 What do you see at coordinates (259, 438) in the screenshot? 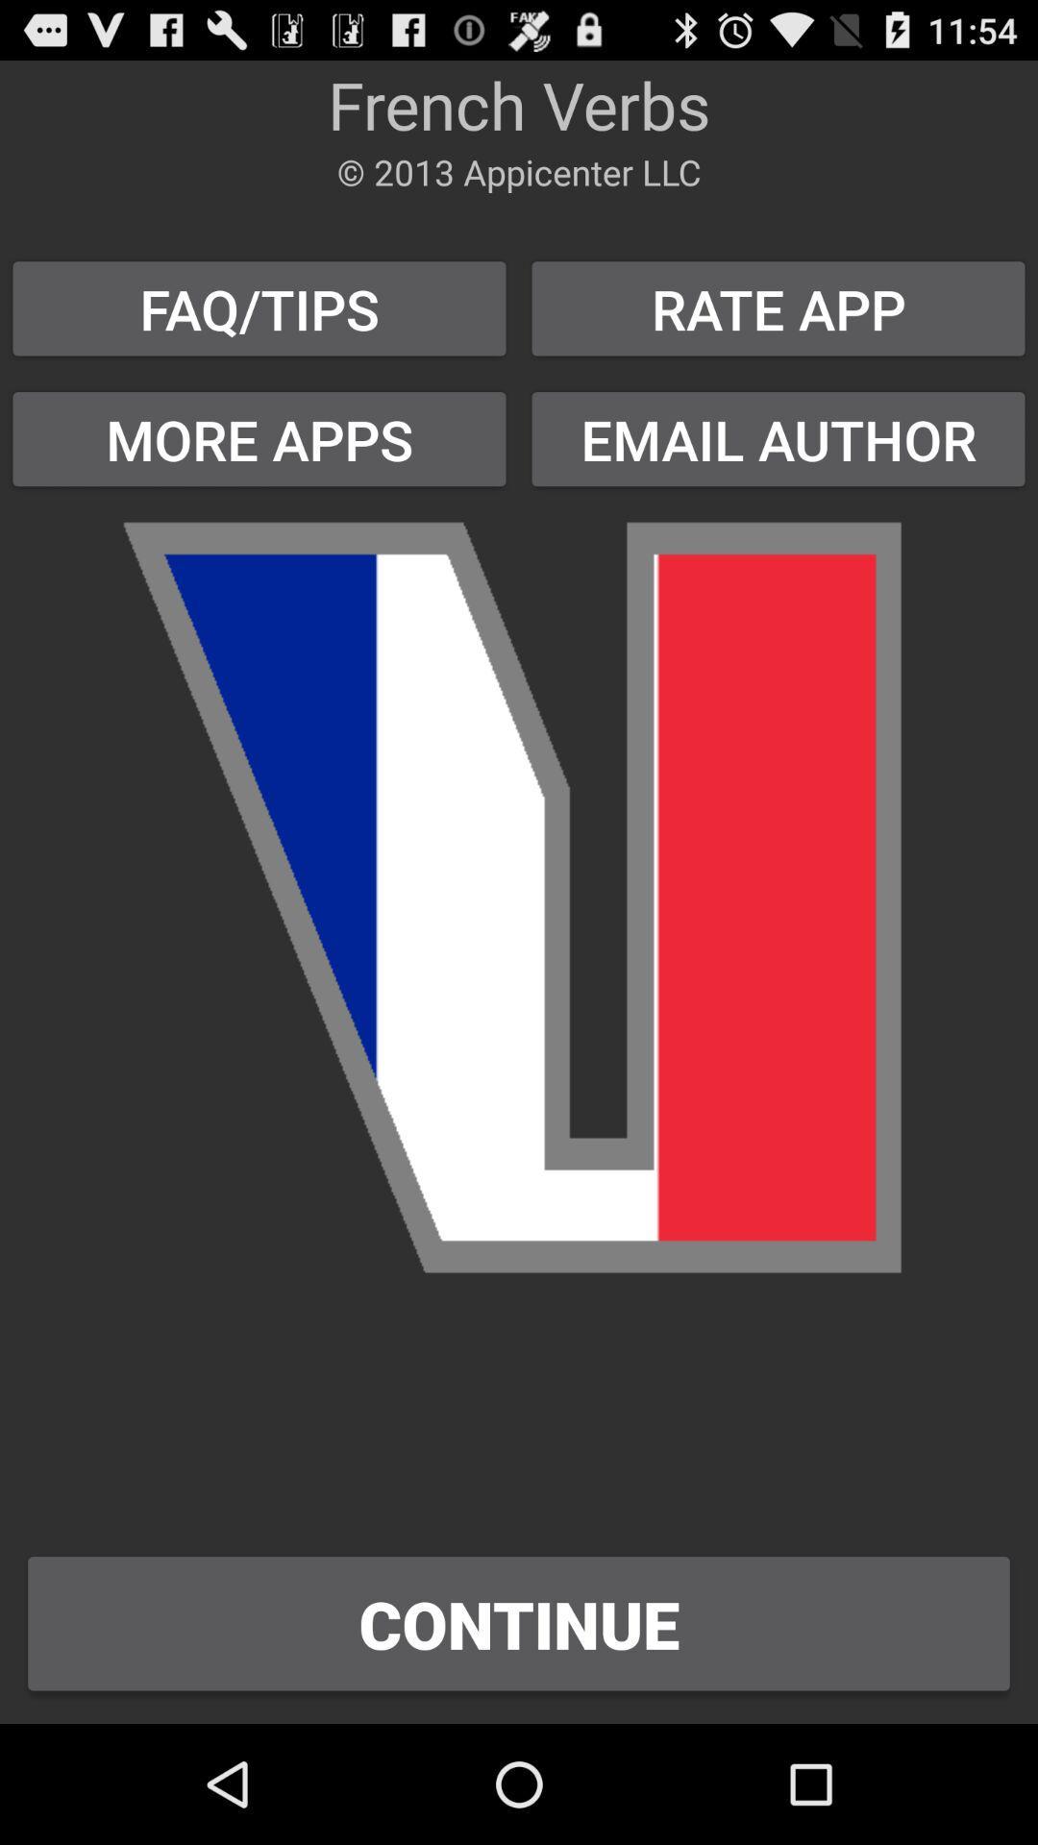
I see `item below faq/tips icon` at bounding box center [259, 438].